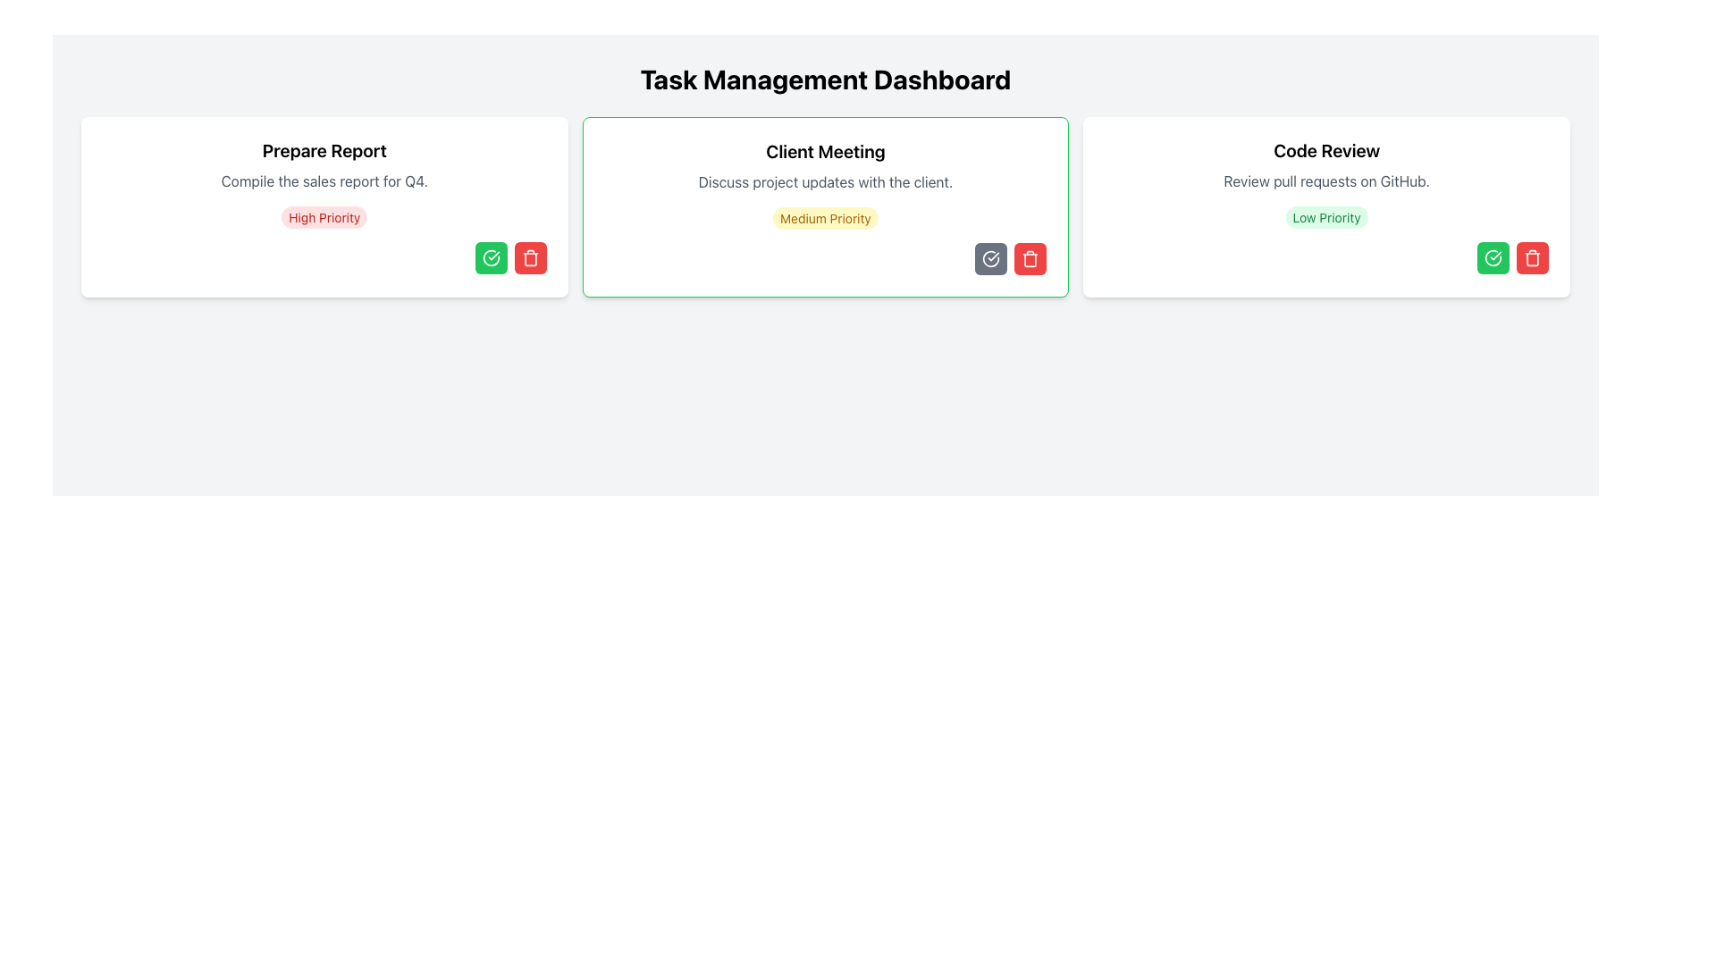 Image resolution: width=1716 pixels, height=965 pixels. What do you see at coordinates (1030, 258) in the screenshot?
I see `the delete icon button located in the bottom-right corner of the 'Client Meeting' task card` at bounding box center [1030, 258].